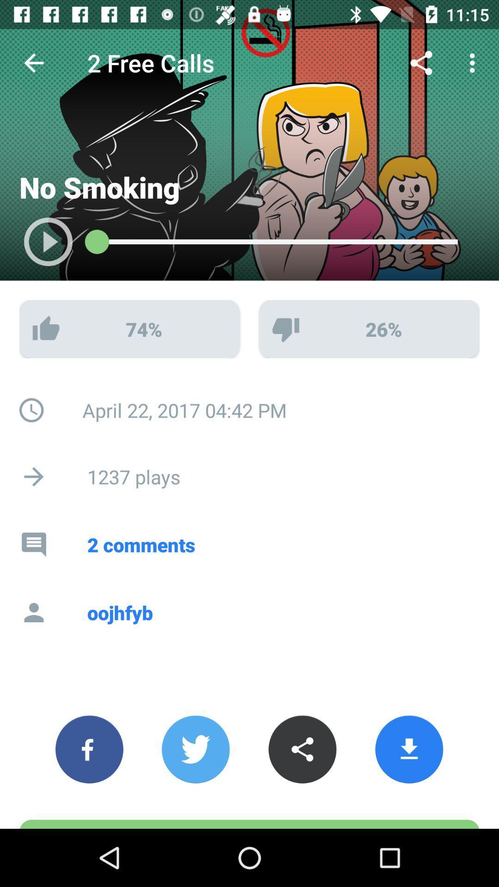 This screenshot has height=887, width=499. Describe the element at coordinates (302, 749) in the screenshot. I see `the share icon` at that location.